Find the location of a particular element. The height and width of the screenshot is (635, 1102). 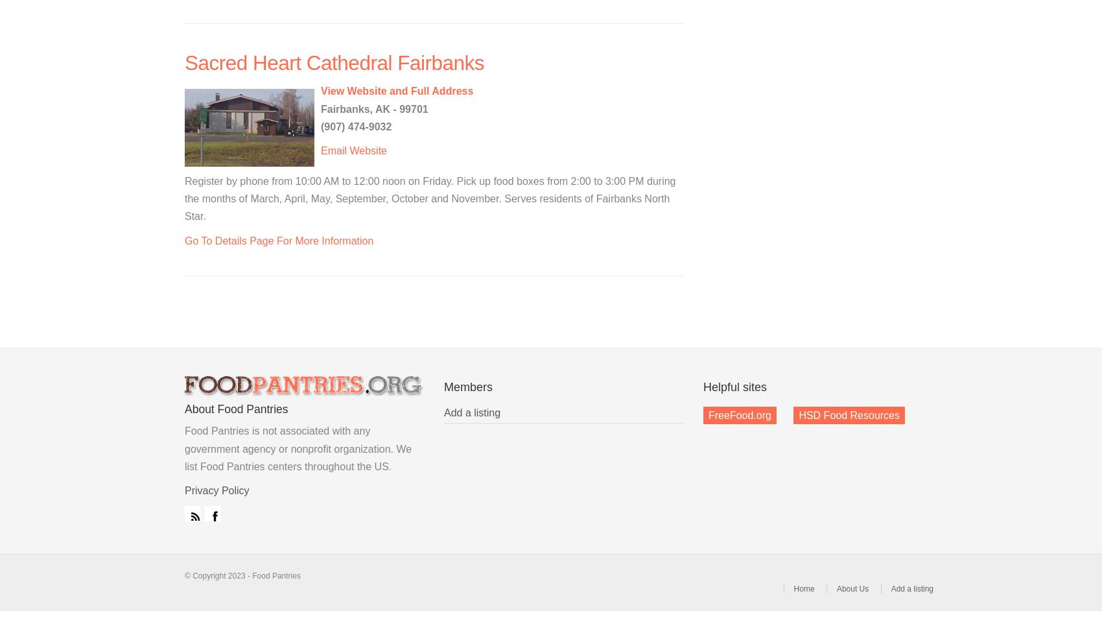

'FreeFood.org' is located at coordinates (740, 414).